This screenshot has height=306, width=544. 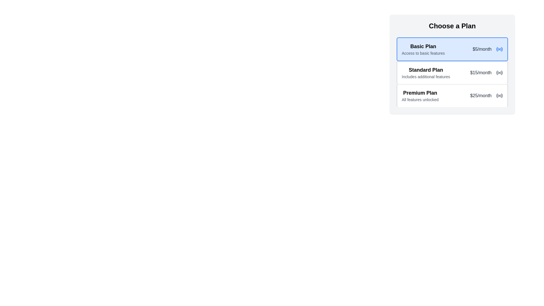 I want to click on the circular graphic icon resembling a radio or connection symbol, which is located to the right of the '$5/month' text in the 'Basic Plan' card, so click(x=499, y=49).